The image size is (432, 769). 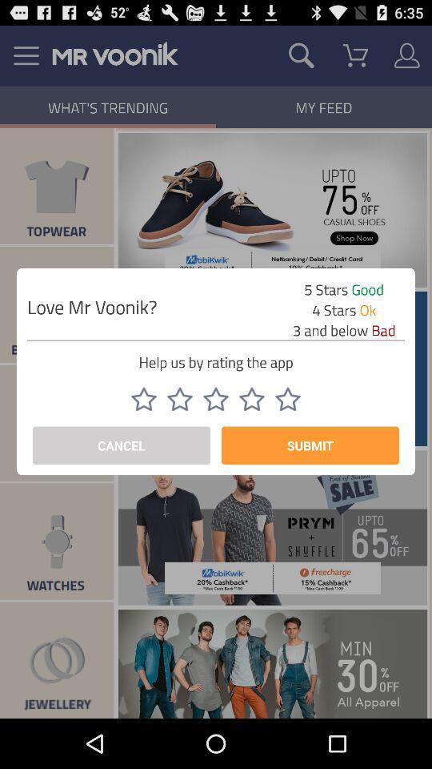 I want to click on icon below help us by, so click(x=179, y=398).